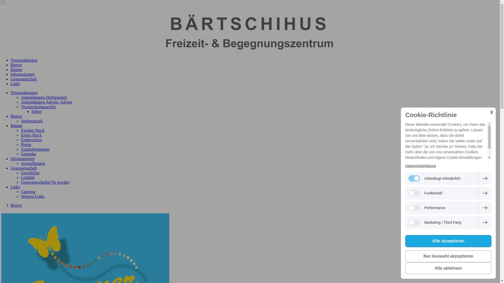  What do you see at coordinates (15, 187) in the screenshot?
I see `'Links'` at bounding box center [15, 187].